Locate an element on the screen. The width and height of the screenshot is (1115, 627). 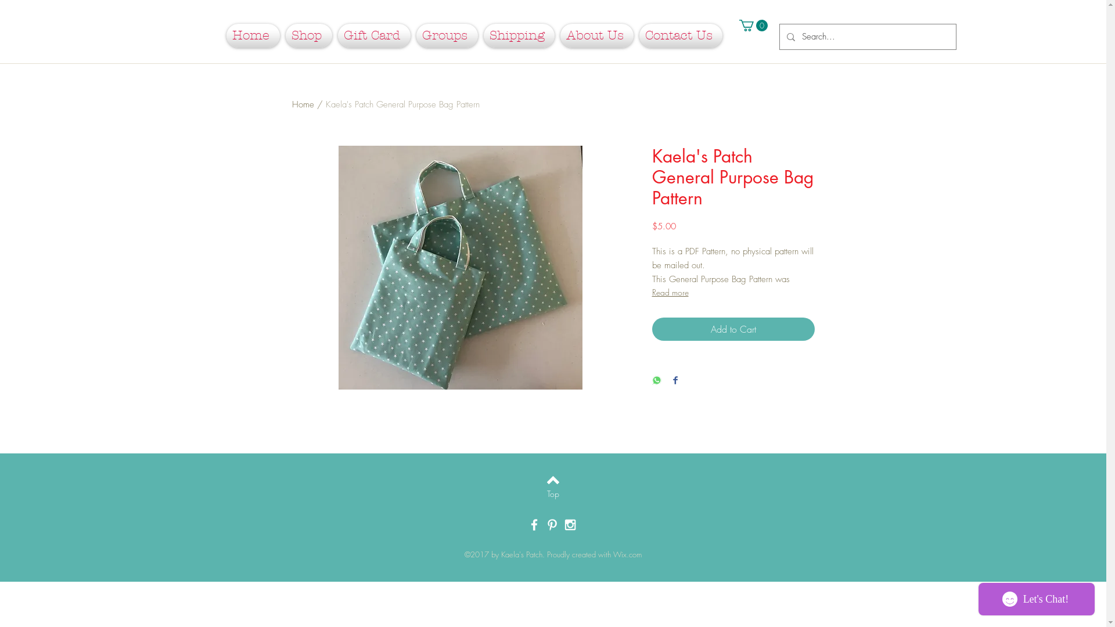
'Add to Cart' is located at coordinates (732, 329).